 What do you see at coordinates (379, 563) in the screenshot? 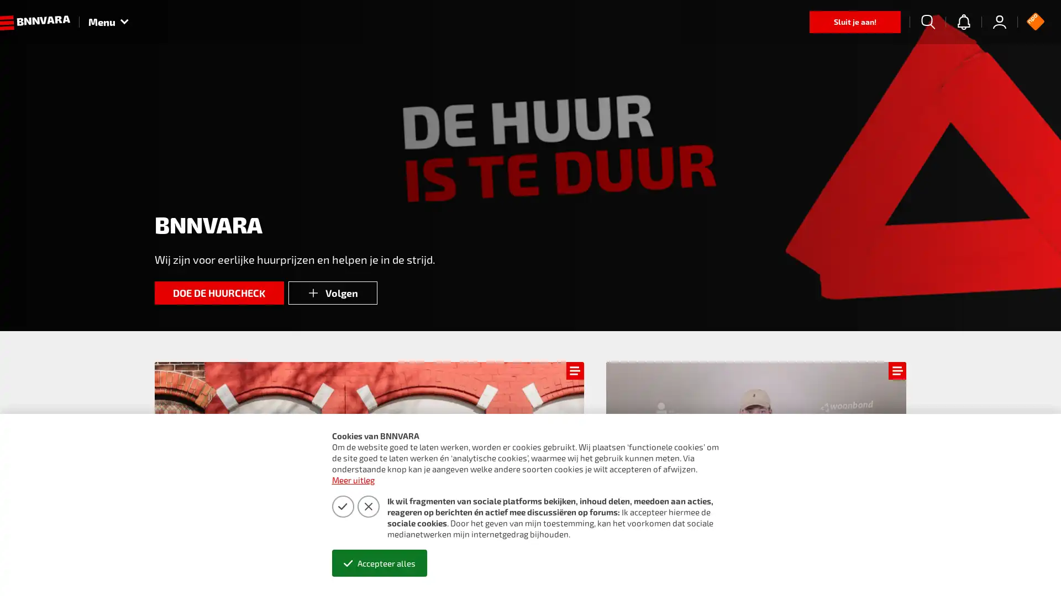
I see `Accepteer alles` at bounding box center [379, 563].